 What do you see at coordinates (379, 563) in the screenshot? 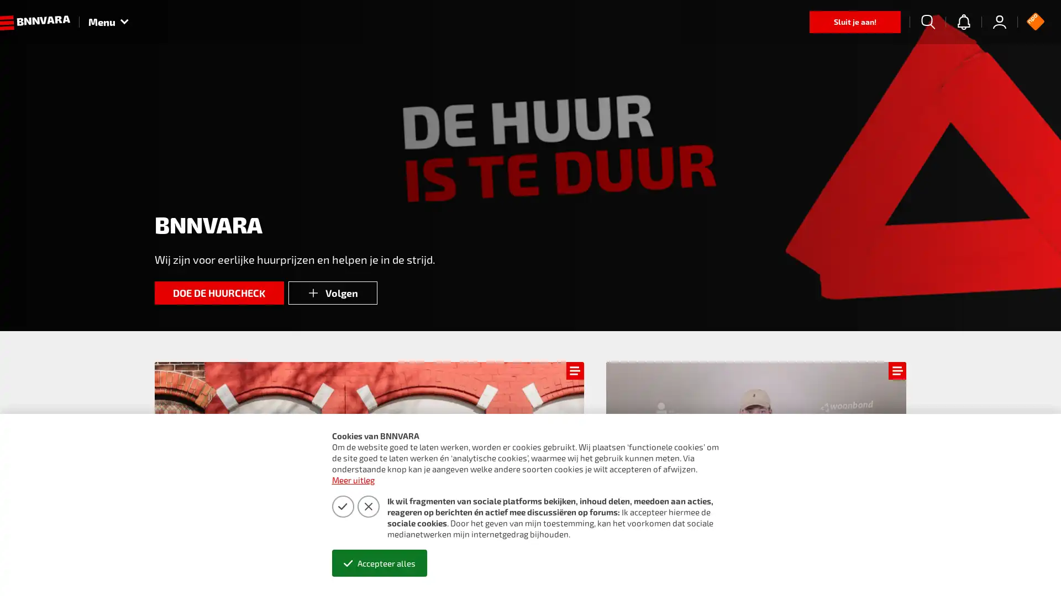
I see `Accepteer alles` at bounding box center [379, 563].